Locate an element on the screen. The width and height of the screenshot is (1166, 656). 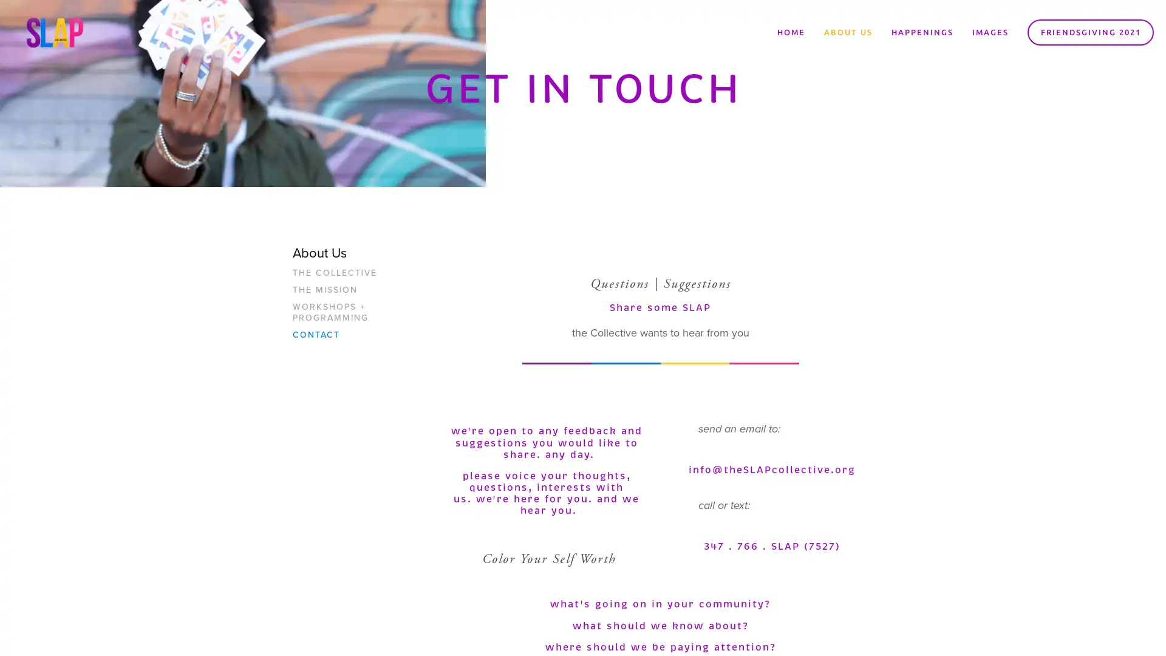
Close is located at coordinates (762, 188).